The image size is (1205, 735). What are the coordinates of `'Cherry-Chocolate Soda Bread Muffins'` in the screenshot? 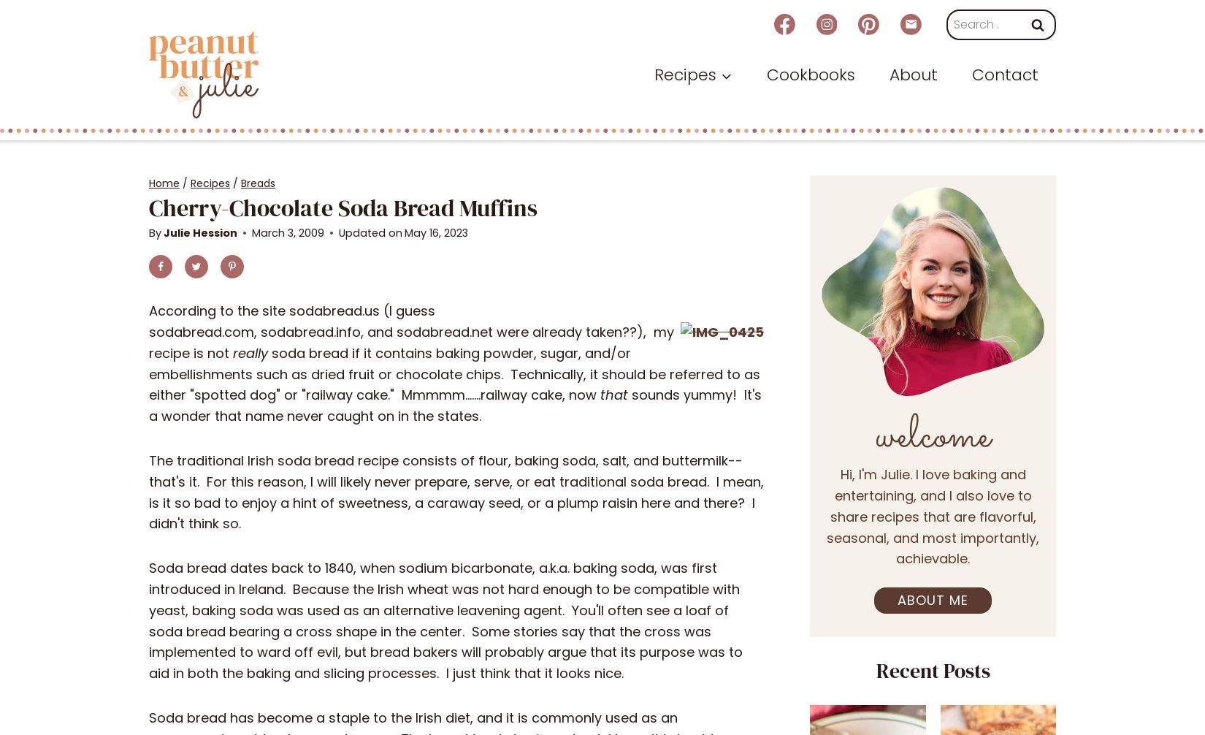 It's located at (342, 206).